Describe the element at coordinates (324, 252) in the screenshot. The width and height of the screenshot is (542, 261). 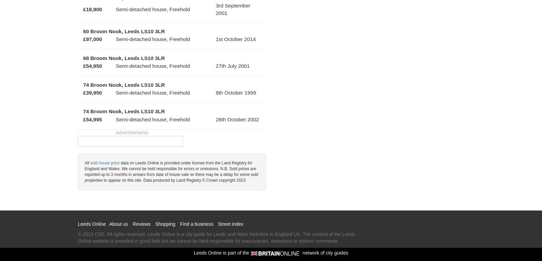
I see `'network of city guides'` at that location.